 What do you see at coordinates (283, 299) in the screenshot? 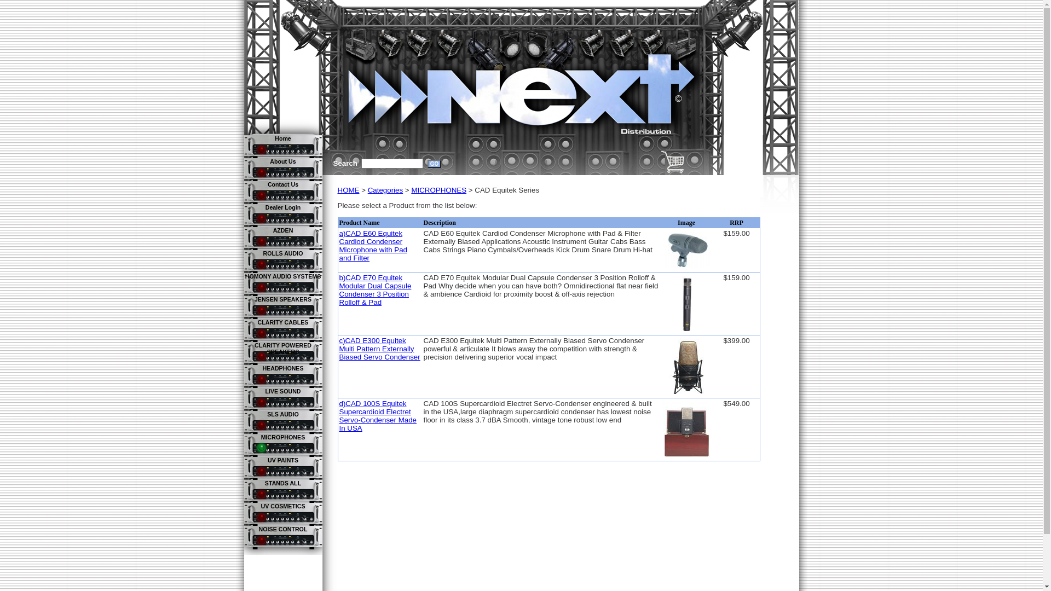
I see `'JENSEN SPEAKERS'` at bounding box center [283, 299].